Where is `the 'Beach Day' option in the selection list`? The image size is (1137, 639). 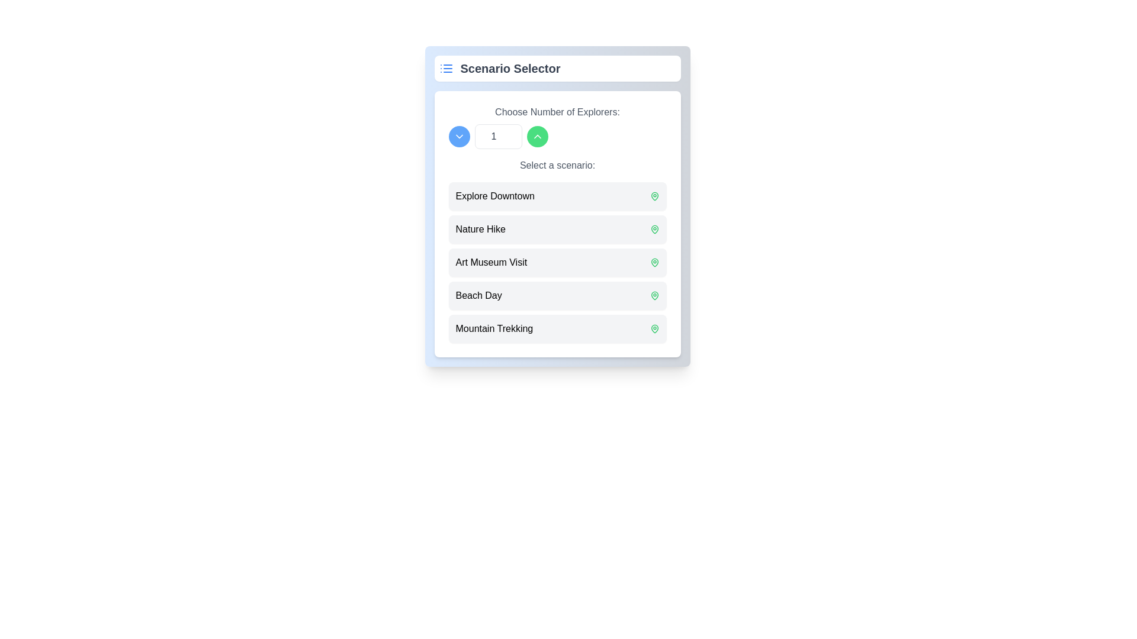 the 'Beach Day' option in the selection list is located at coordinates (478, 295).